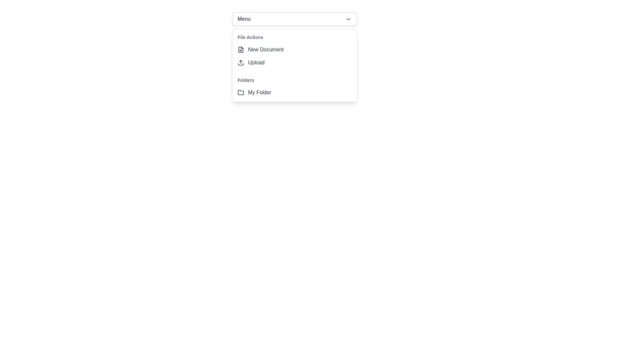  Describe the element at coordinates (240, 93) in the screenshot. I see `the folder icon located to the left of the 'My Folder' text label in the dropdown list` at that location.